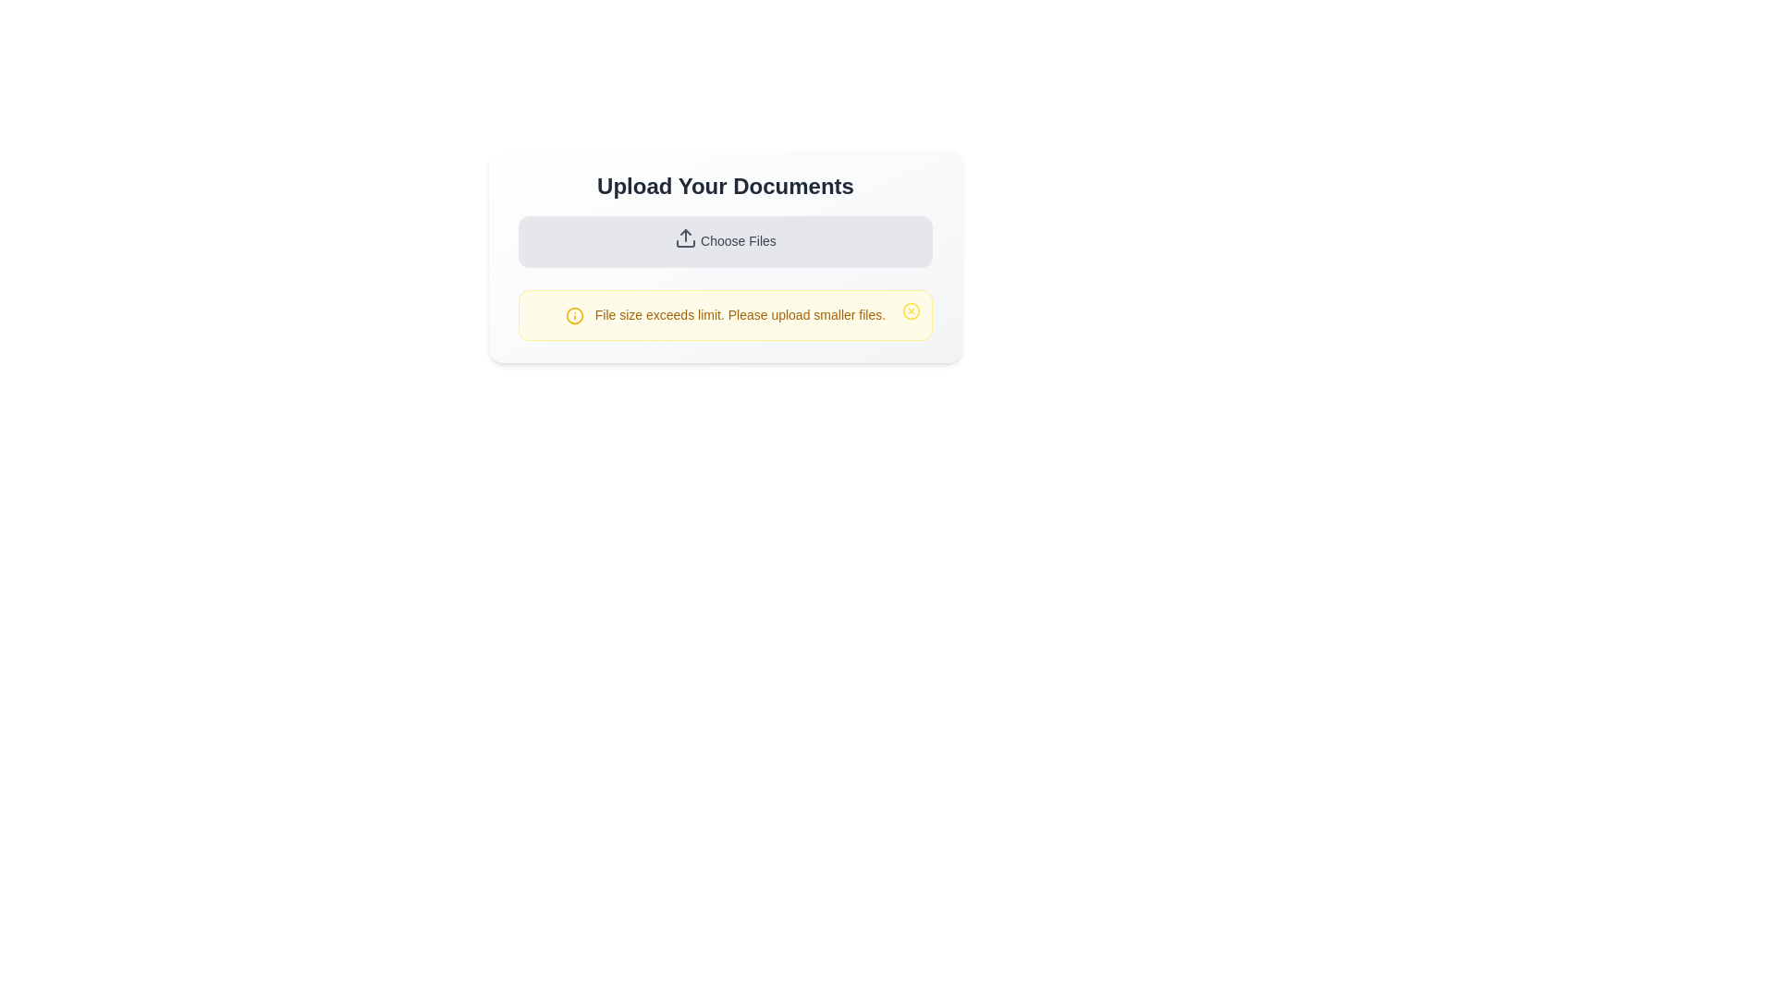 The image size is (1775, 998). Describe the element at coordinates (725, 241) in the screenshot. I see `the file upload trigger button located centrally below the header 'Upload Your Documents'` at that location.